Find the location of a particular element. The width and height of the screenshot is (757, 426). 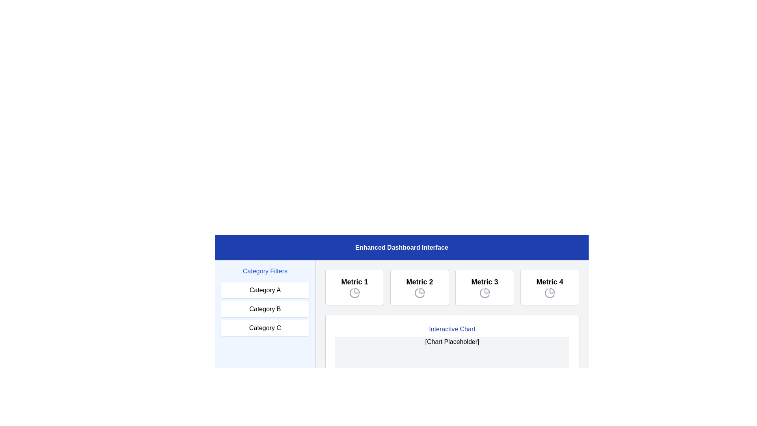

the 'Category A' filter button located in the left column under the 'Category Filters' label is located at coordinates (265, 290).